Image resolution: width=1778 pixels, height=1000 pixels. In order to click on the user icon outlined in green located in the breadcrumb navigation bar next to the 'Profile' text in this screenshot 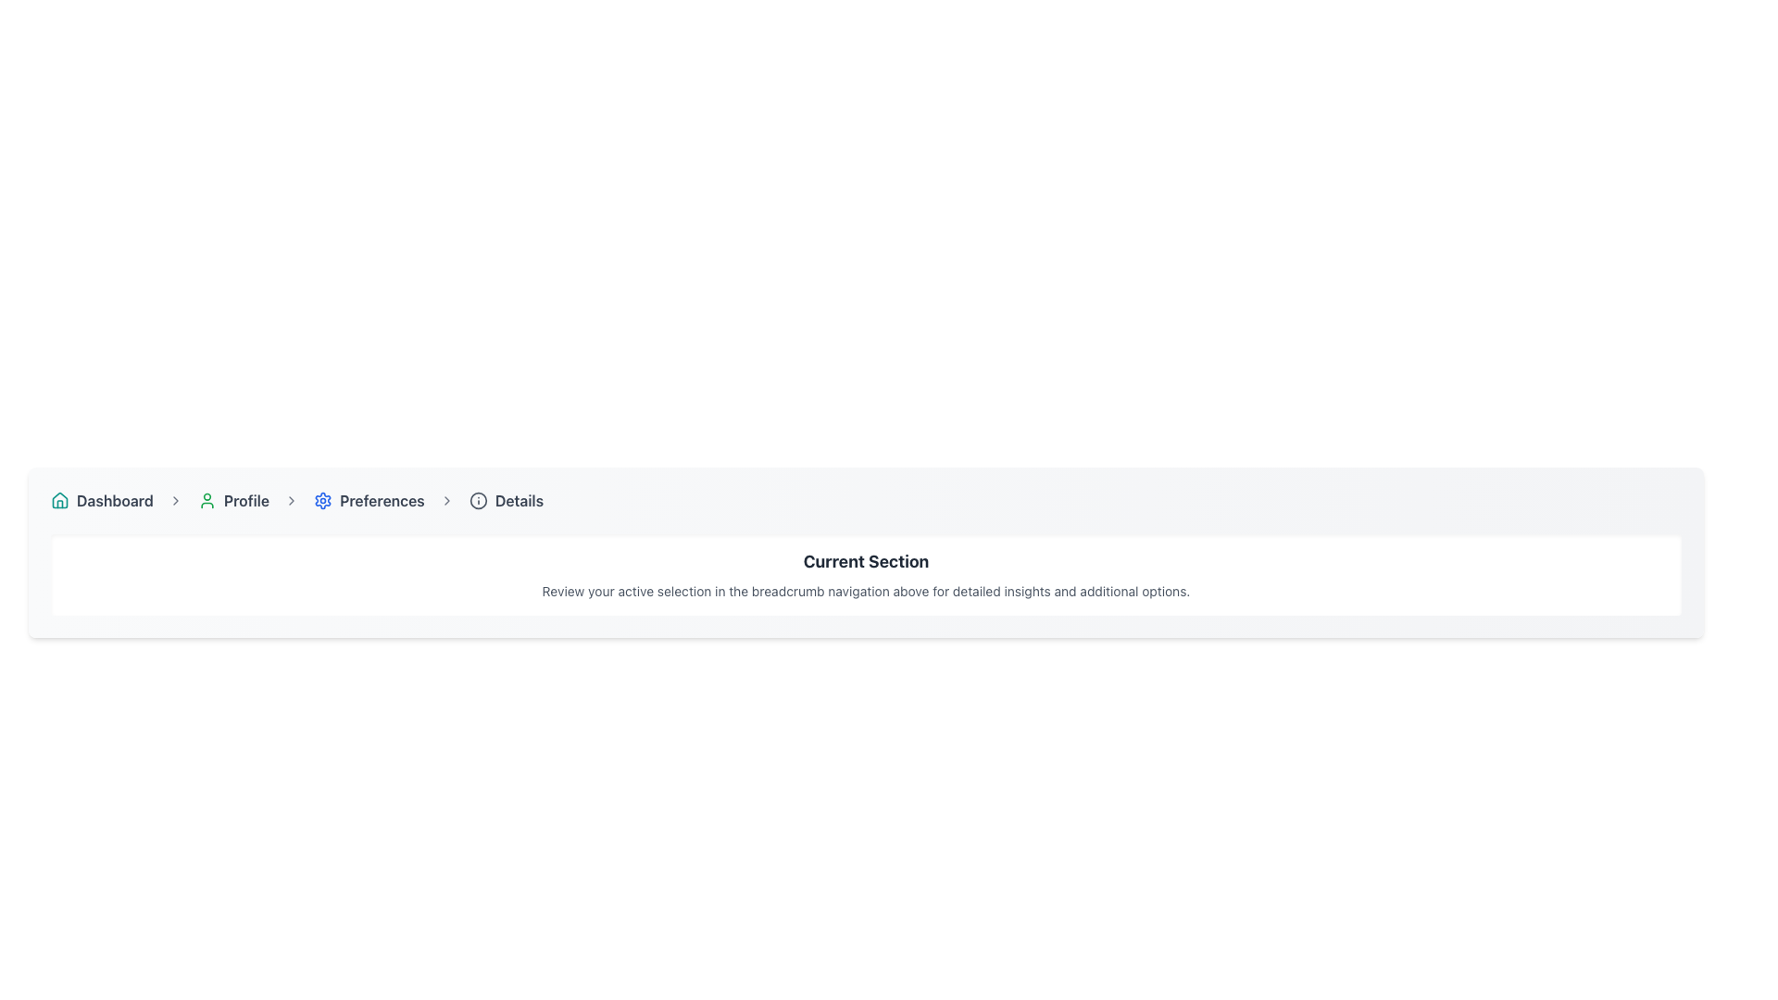, I will do `click(207, 500)`.